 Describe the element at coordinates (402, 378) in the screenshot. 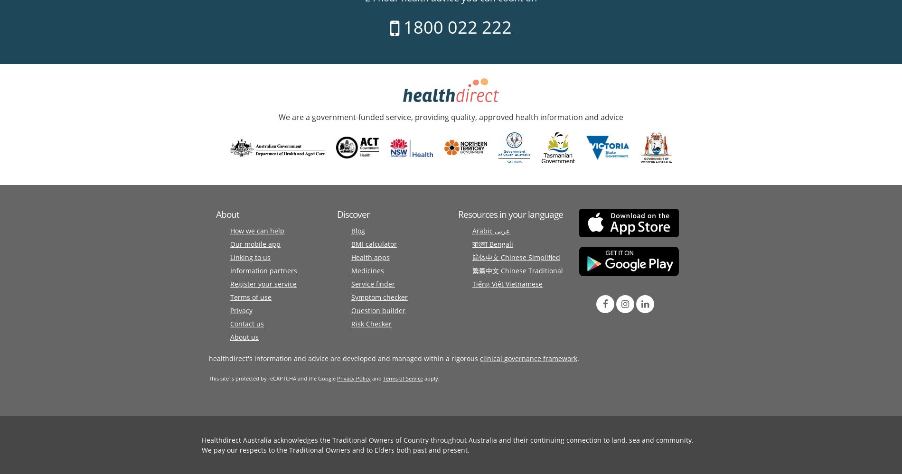

I see `'Terms of Service'` at that location.